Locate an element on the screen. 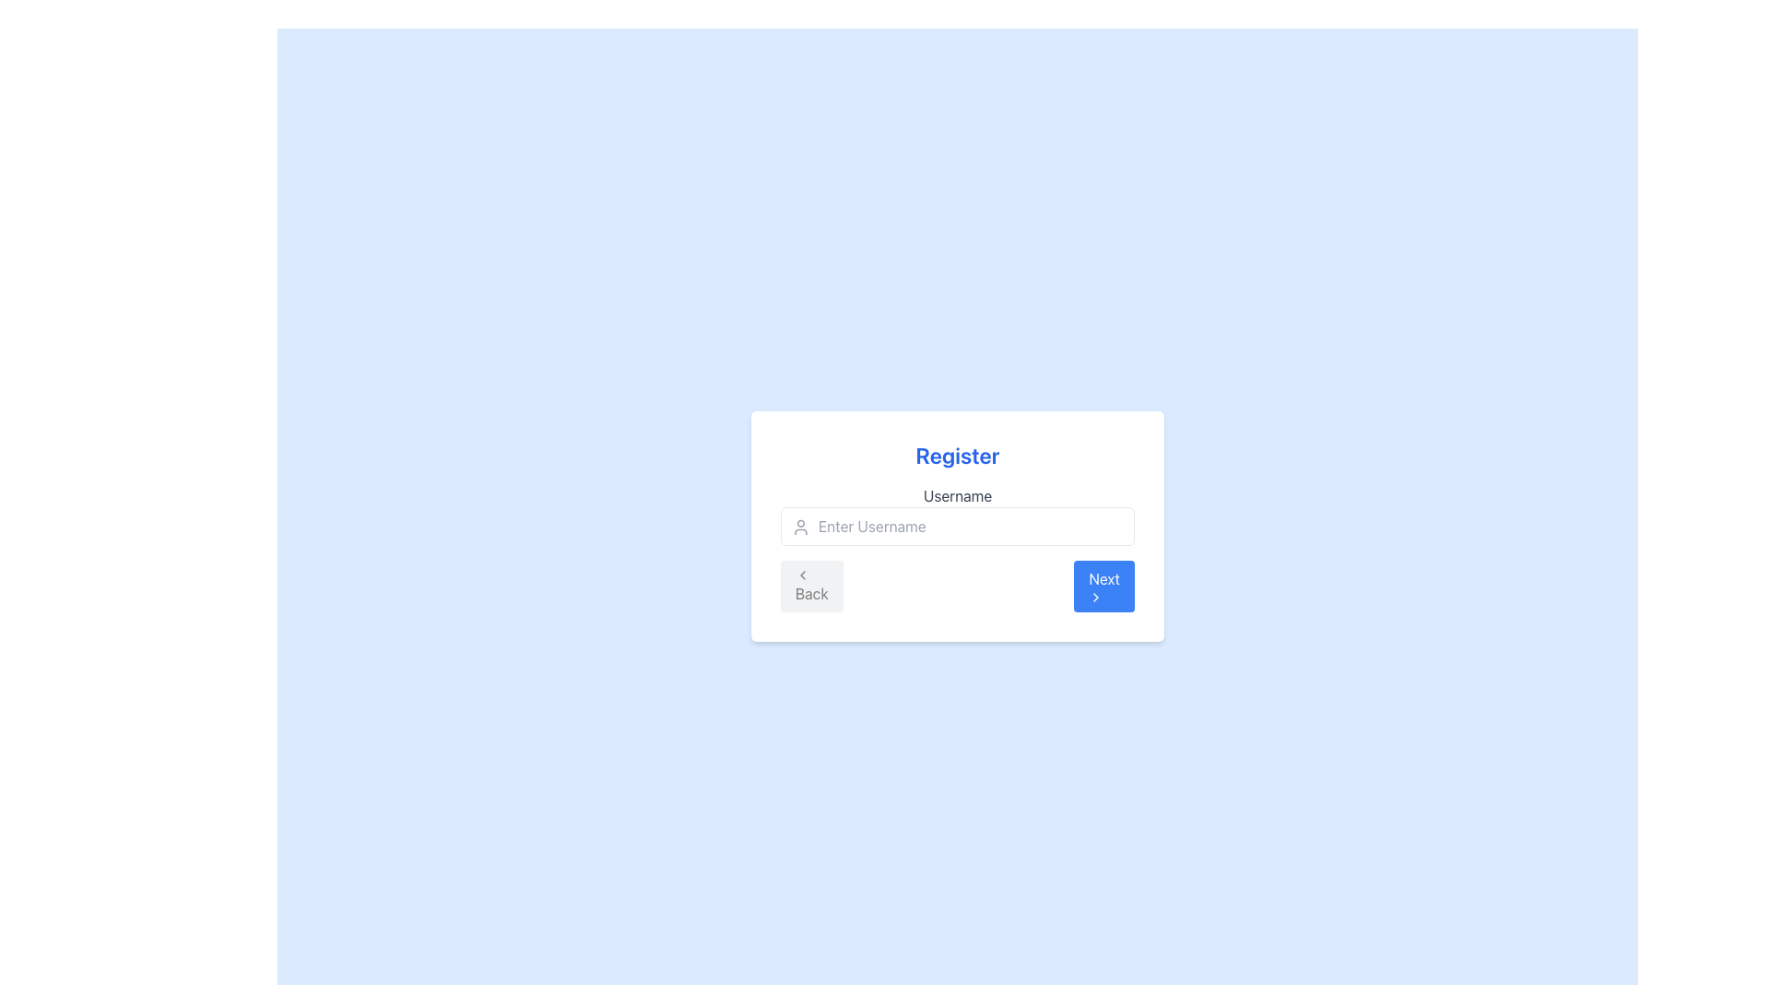 This screenshot has width=1770, height=996. the 'Next' button located in the bottom-right corner of the registration dialog, which contains the chevron icon for navigation is located at coordinates (1096, 598).